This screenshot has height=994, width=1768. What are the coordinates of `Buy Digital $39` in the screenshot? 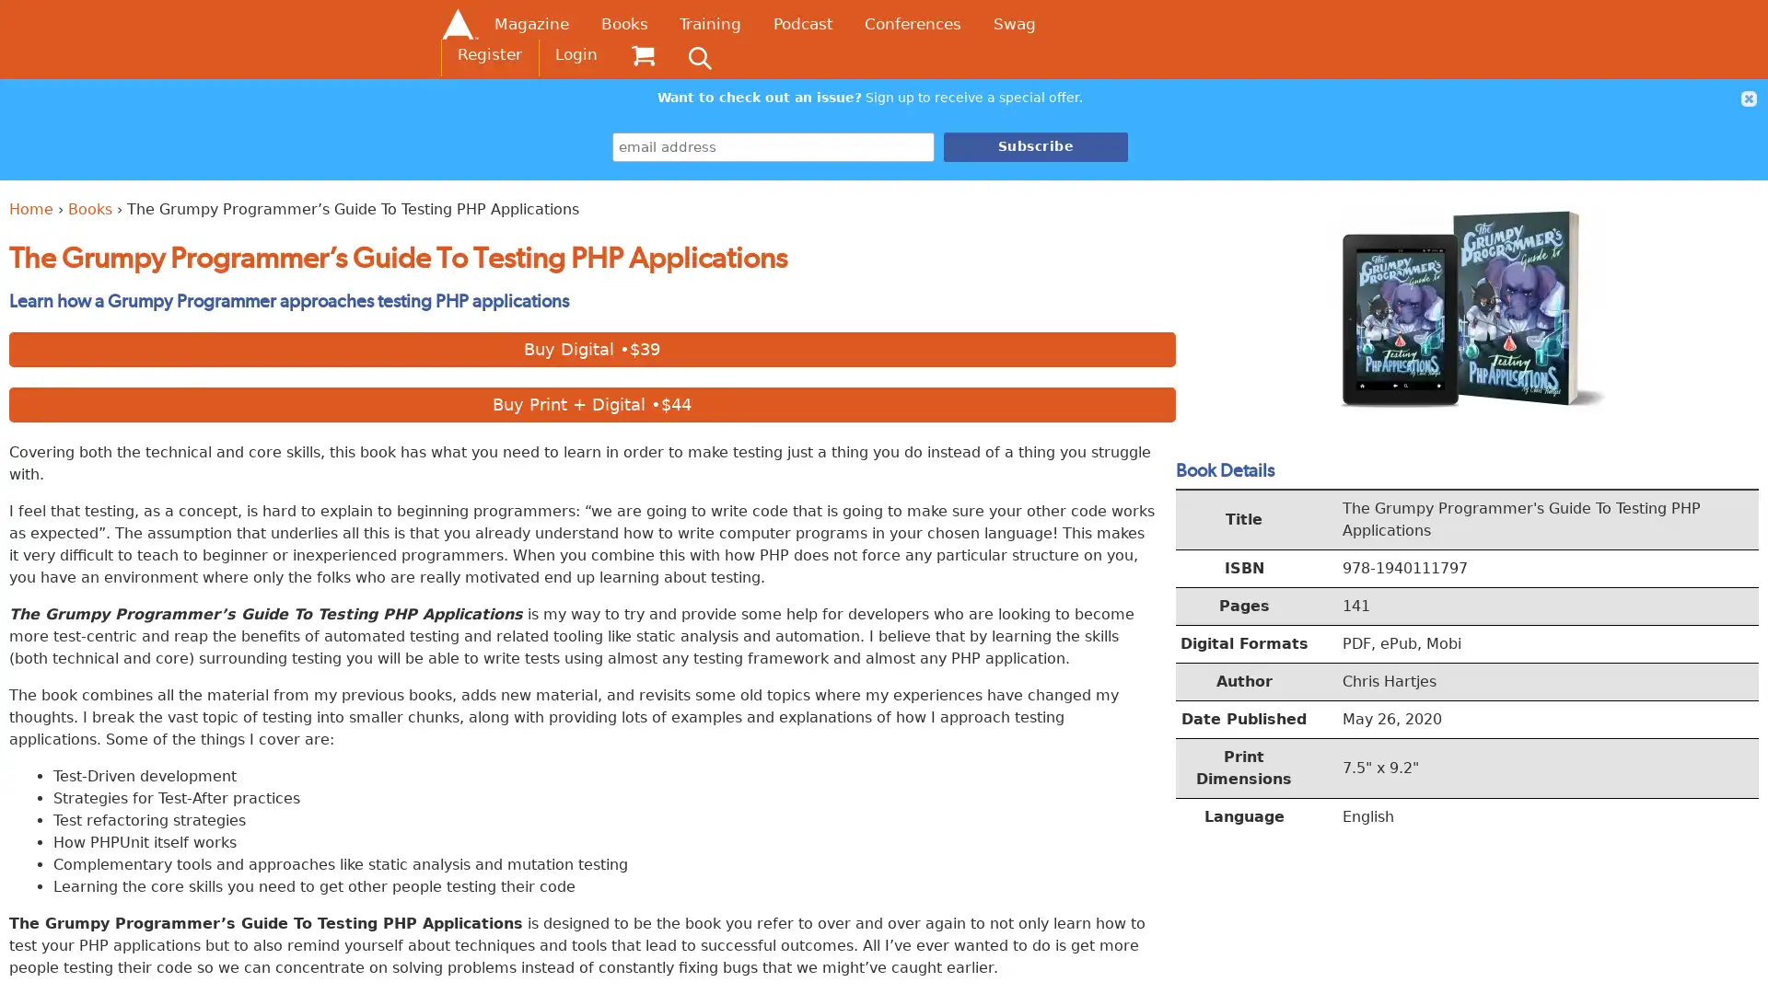 It's located at (592, 348).